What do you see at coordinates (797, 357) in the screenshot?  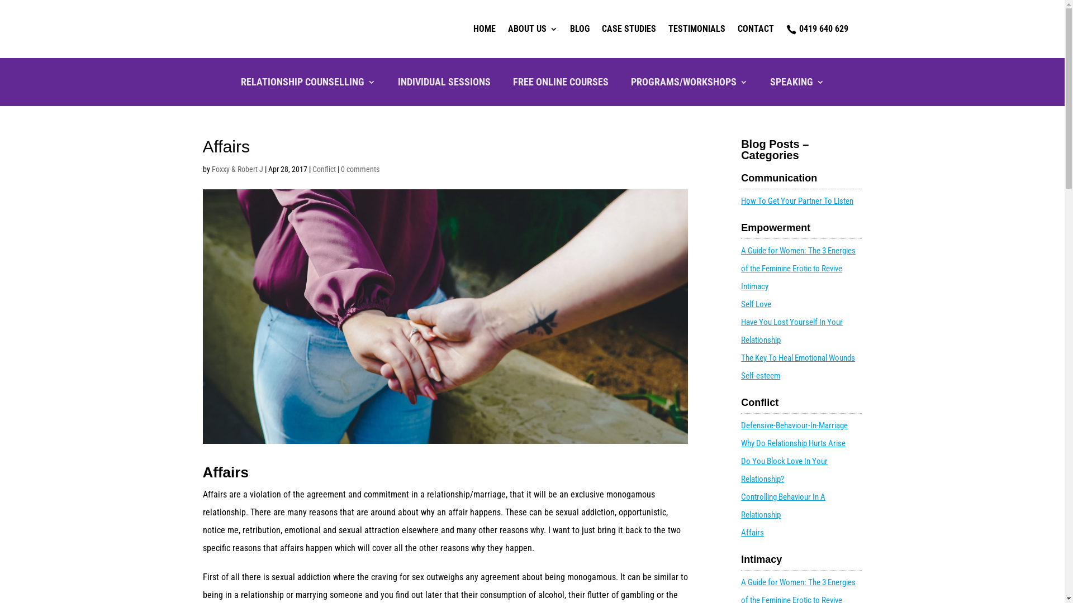 I see `'The Key To Heal Emotional Wounds'` at bounding box center [797, 357].